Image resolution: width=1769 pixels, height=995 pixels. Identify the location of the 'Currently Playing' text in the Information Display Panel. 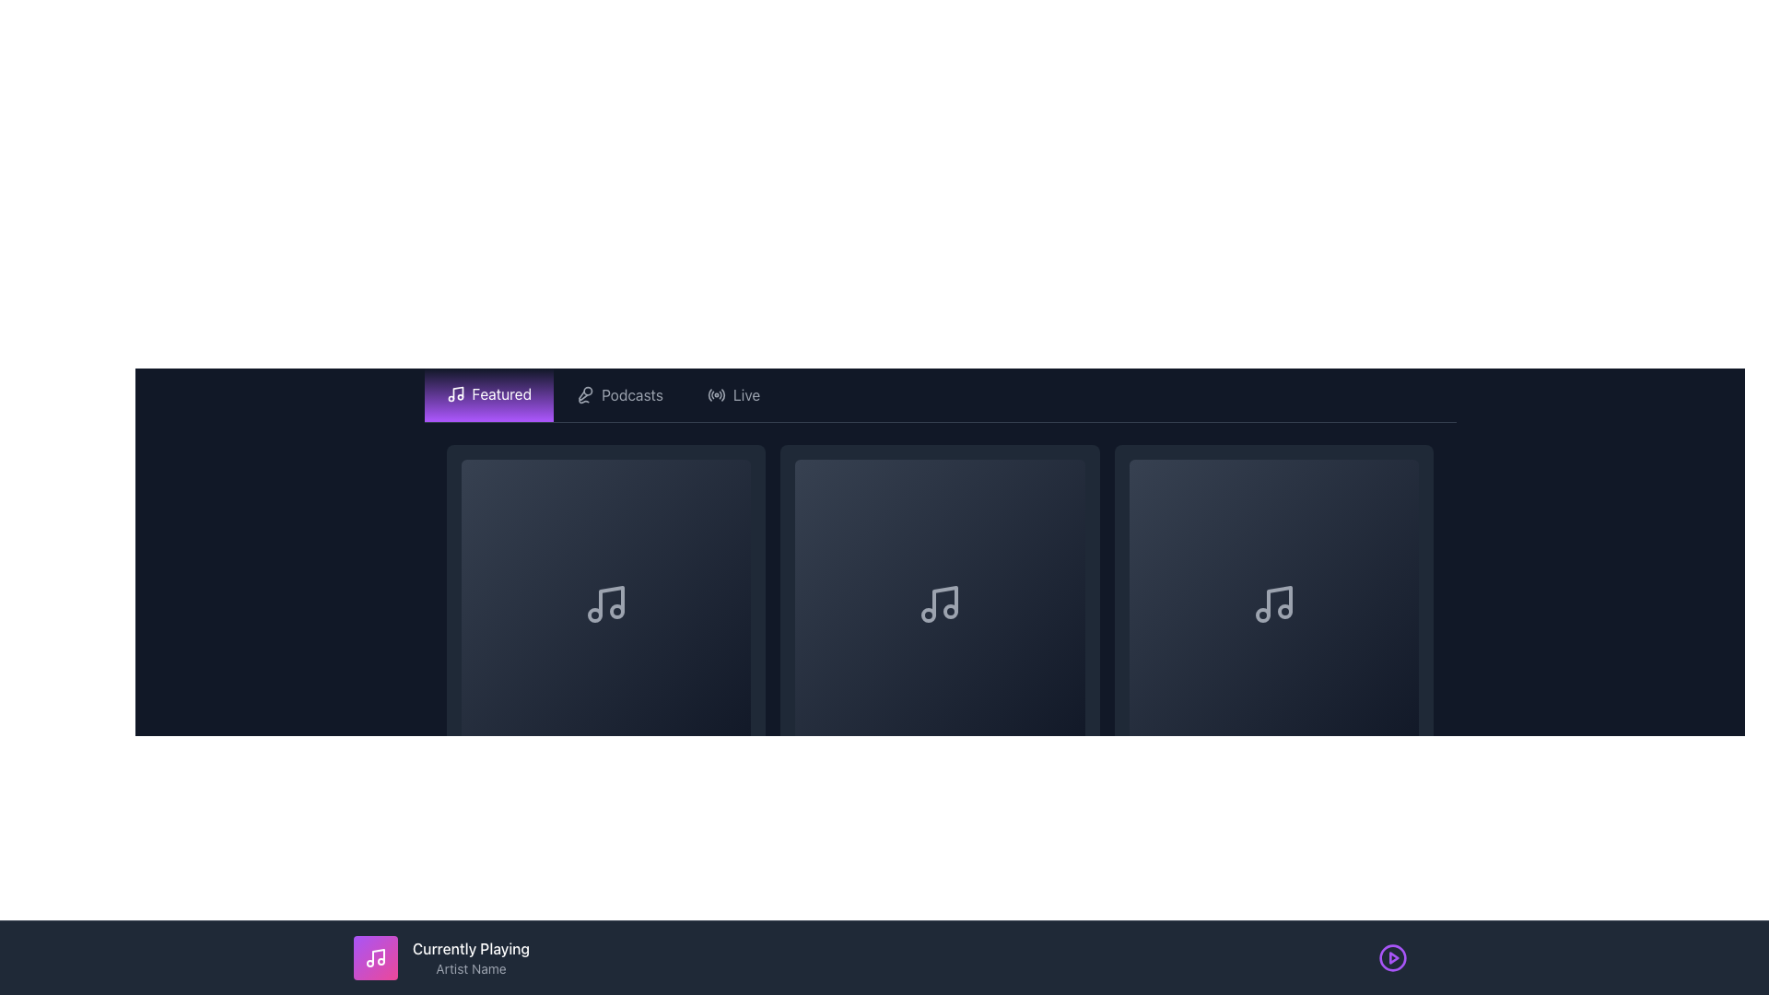
(440, 957).